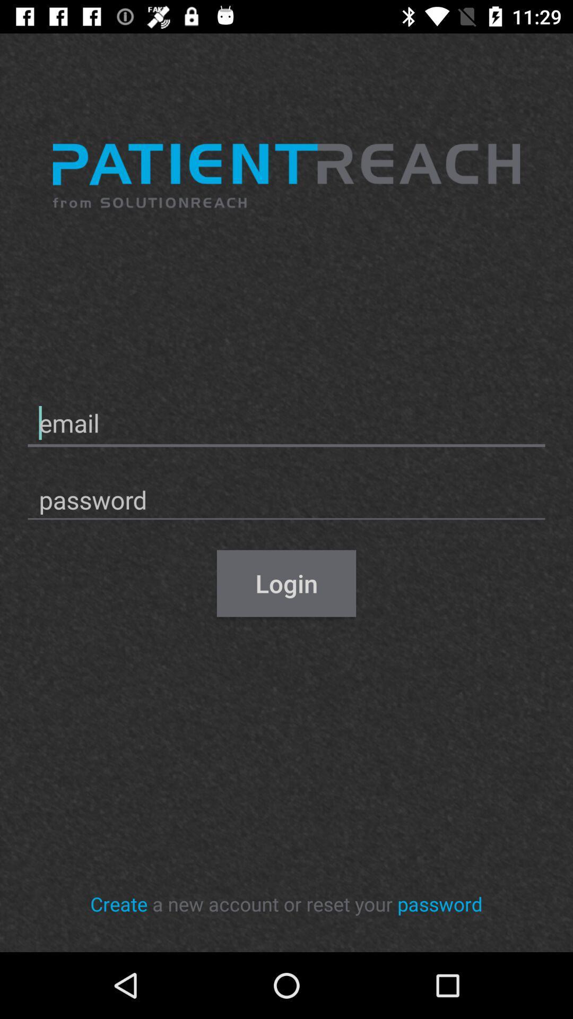 The image size is (573, 1019). I want to click on item above the a new account icon, so click(286, 583).